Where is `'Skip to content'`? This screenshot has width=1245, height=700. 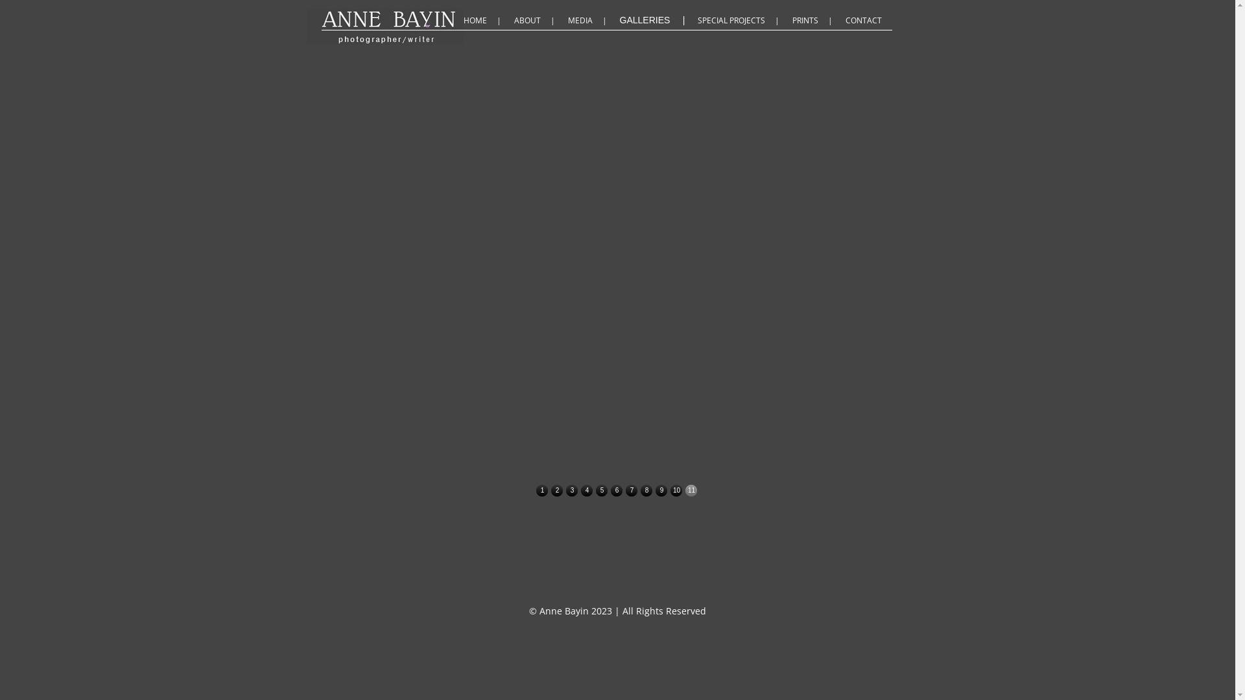 'Skip to content' is located at coordinates (709, 8).